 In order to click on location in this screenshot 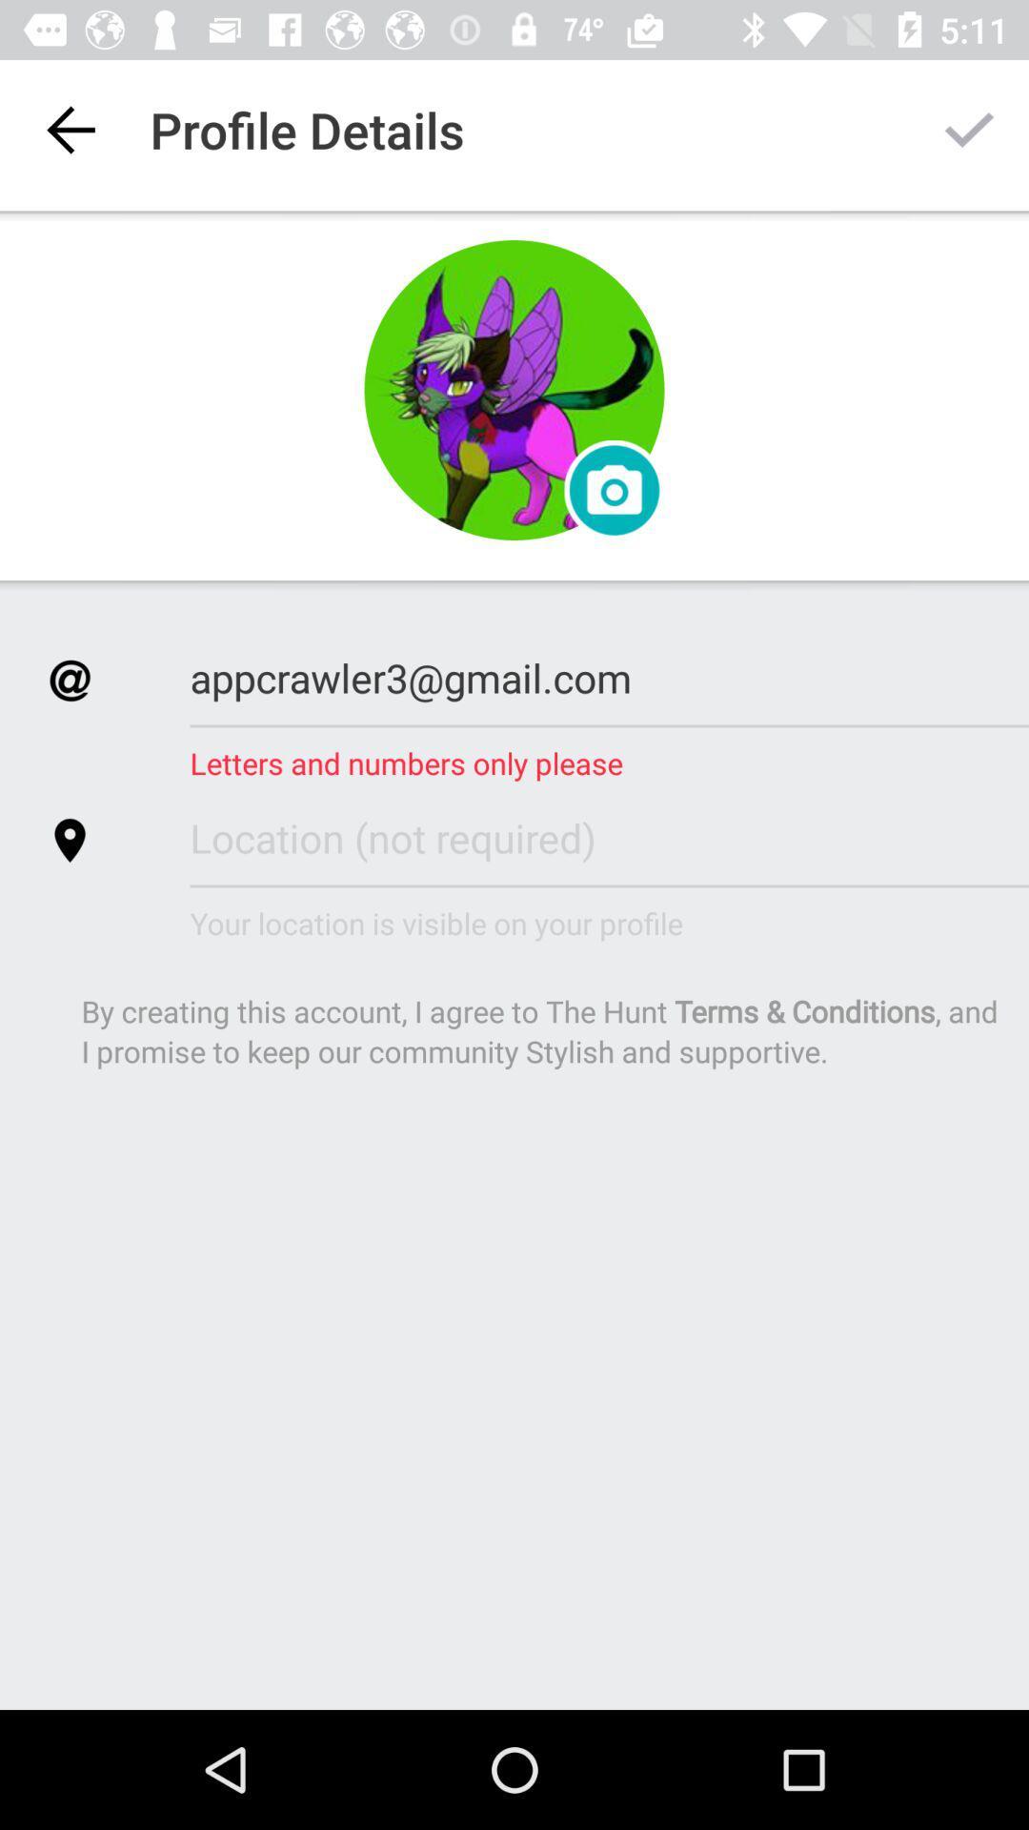, I will do `click(609, 837)`.